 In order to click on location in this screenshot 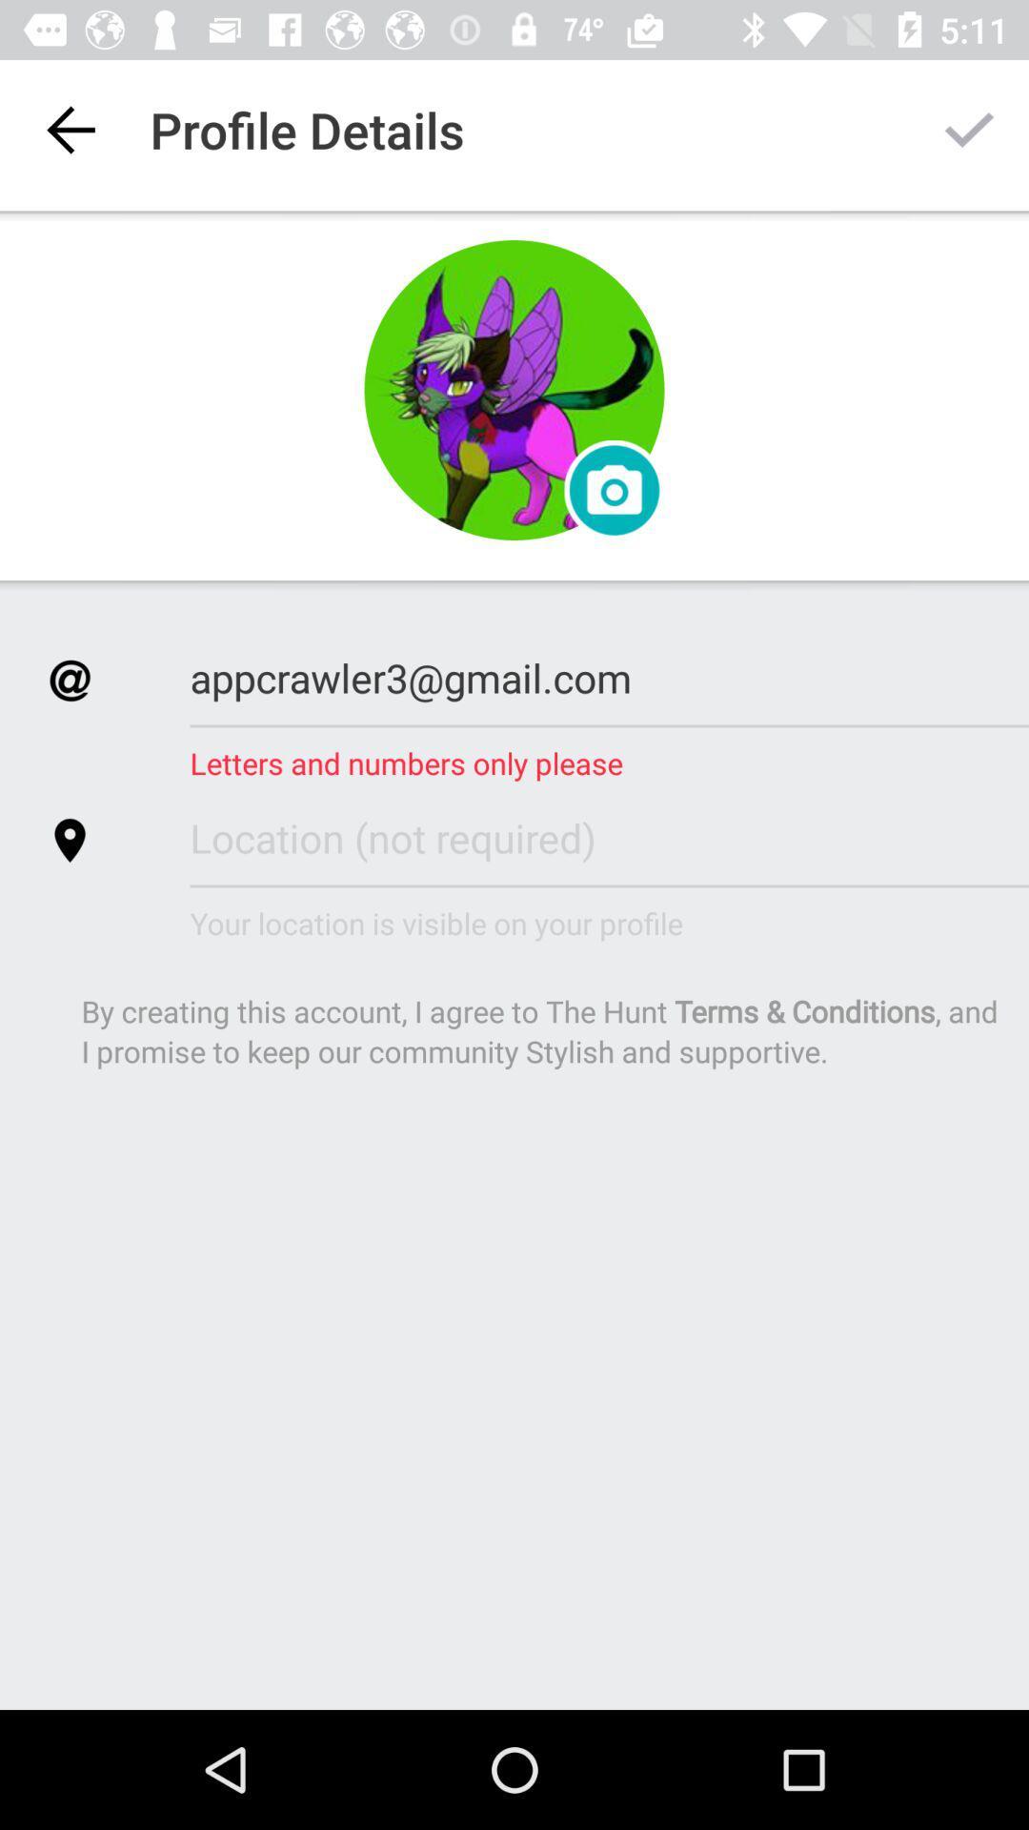, I will do `click(609, 837)`.